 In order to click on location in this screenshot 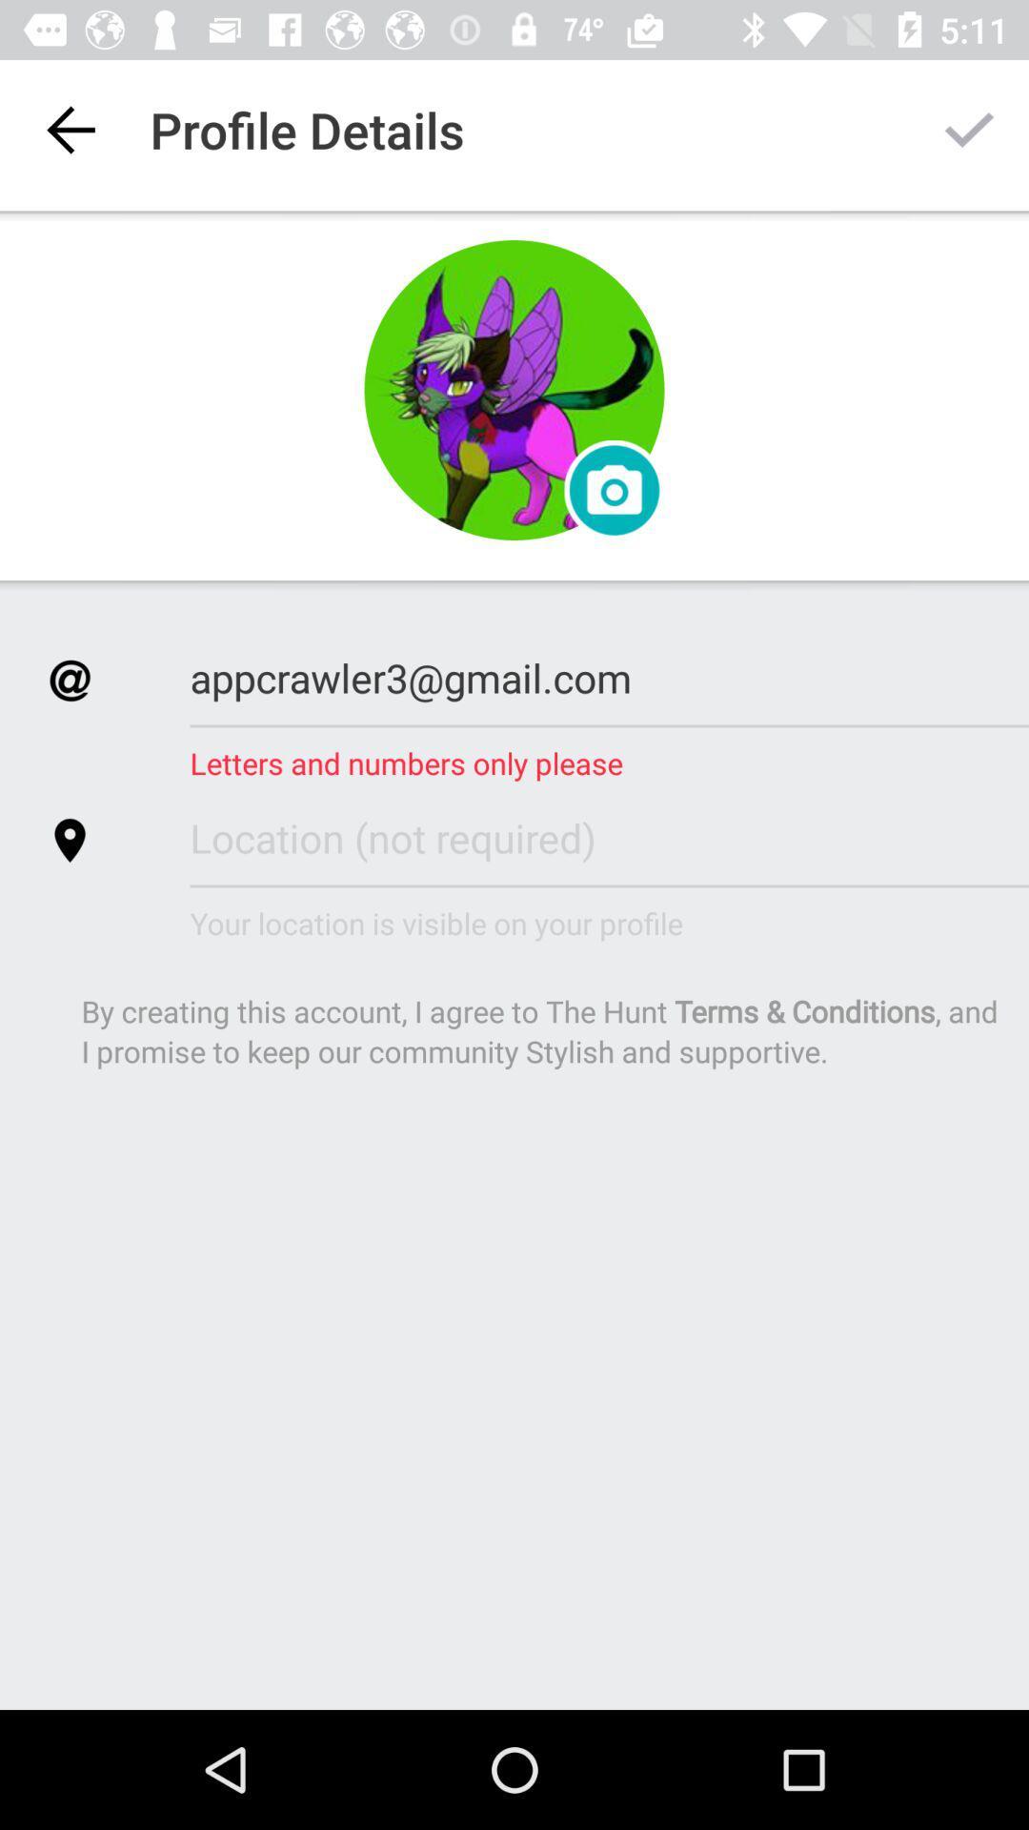, I will do `click(609, 837)`.